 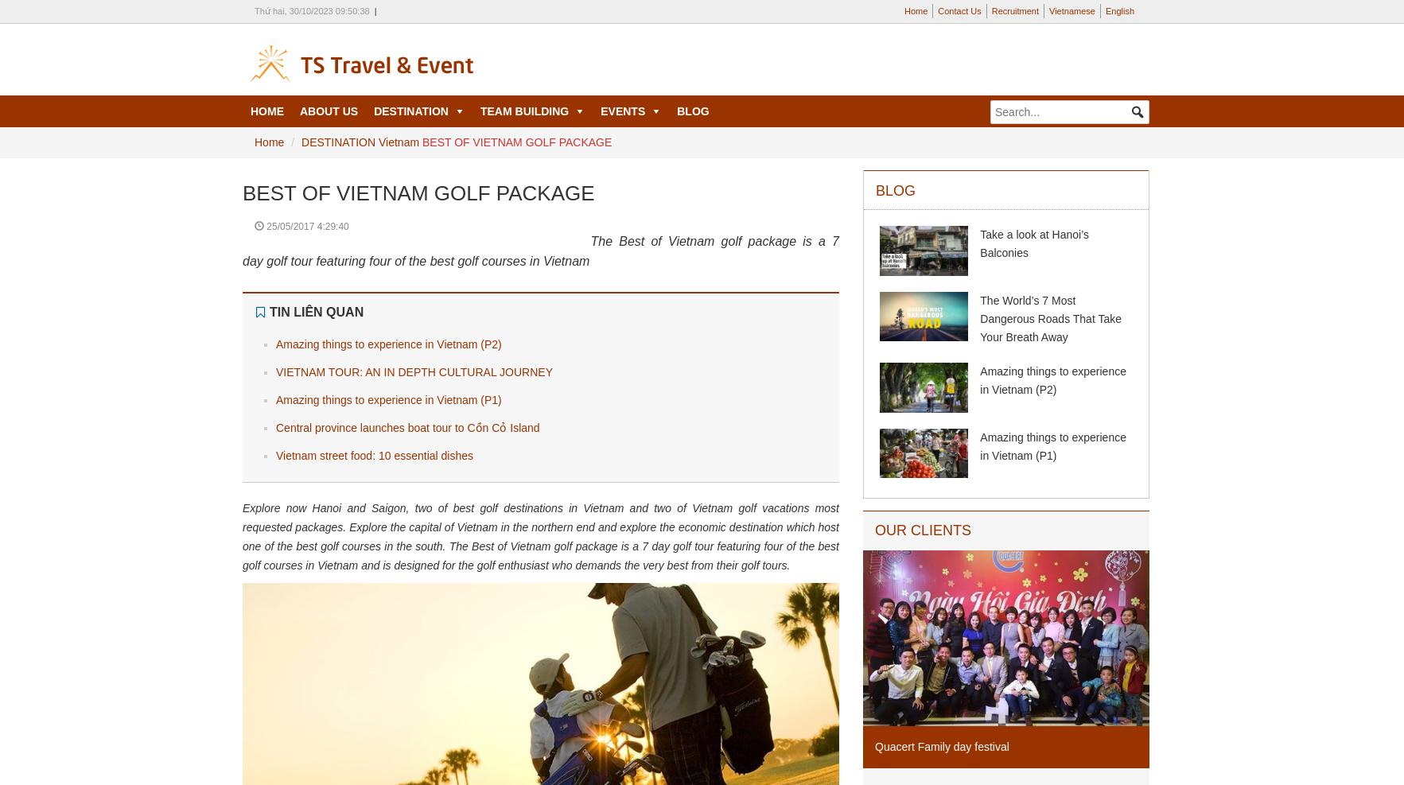 I want to click on 'Central province launches boat tour to Cồn Cỏ Island', so click(x=406, y=428).